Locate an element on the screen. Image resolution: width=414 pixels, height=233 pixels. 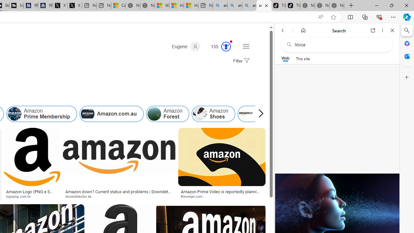
'downdetector.ae' is located at coordinates (119, 196).